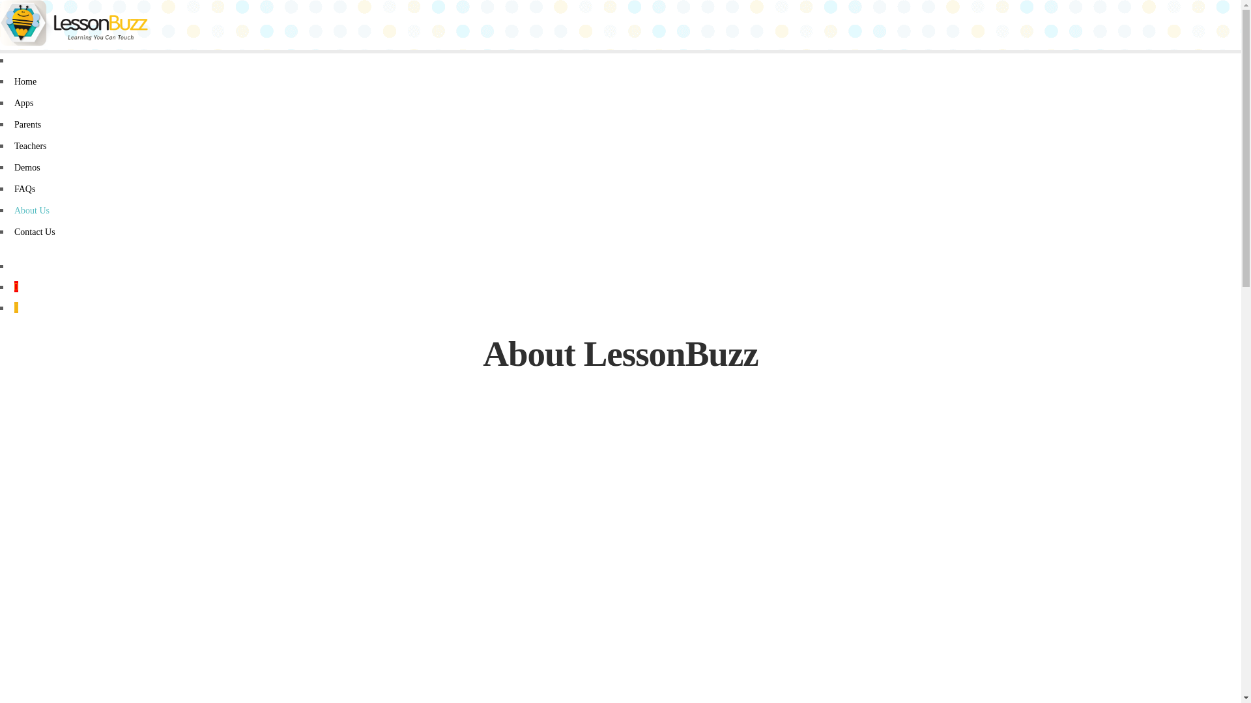 This screenshot has width=1251, height=703. I want to click on 'Apps', so click(24, 102).